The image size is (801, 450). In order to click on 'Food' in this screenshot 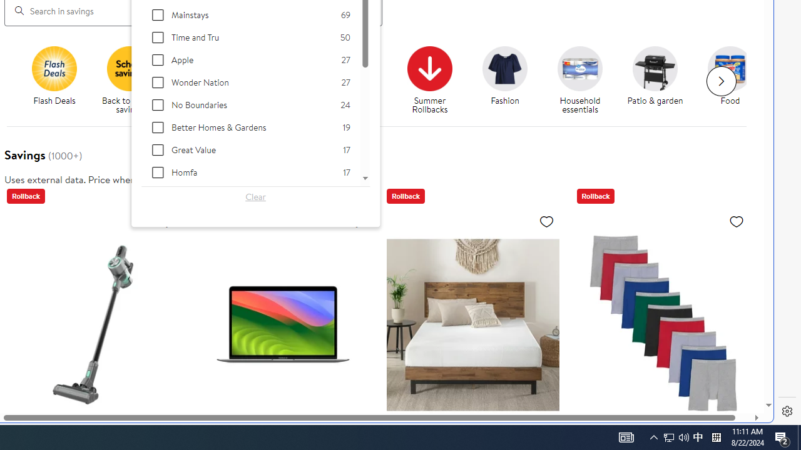, I will do `click(735, 81)`.